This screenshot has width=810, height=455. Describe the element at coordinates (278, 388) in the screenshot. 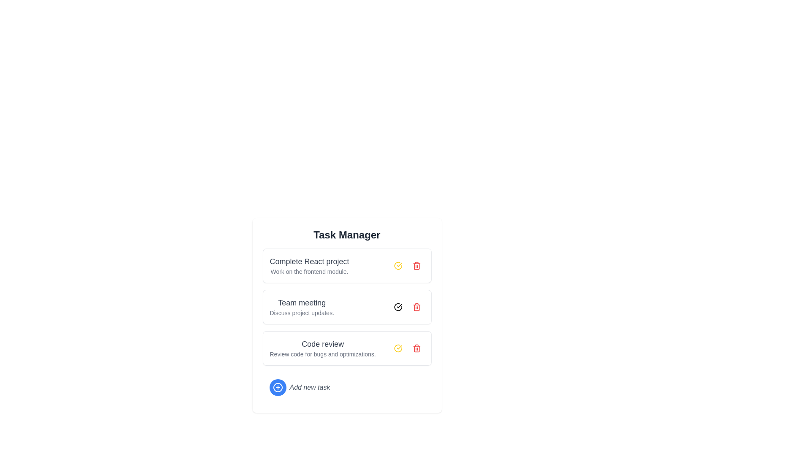

I see `the decorative circular SVG element that is part of the 'Add new task' button in the task manager interface, located at the center of the bottom area of the task list` at that location.